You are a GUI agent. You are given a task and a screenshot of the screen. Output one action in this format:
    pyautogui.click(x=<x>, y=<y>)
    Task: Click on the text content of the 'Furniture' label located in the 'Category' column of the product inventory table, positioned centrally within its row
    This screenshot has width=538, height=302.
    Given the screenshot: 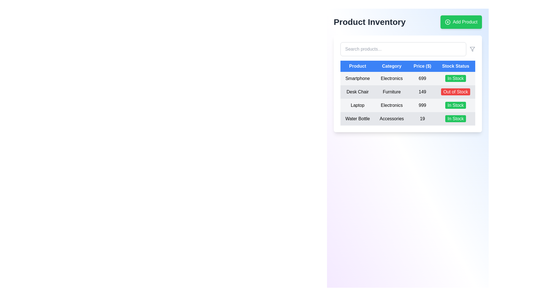 What is the action you would take?
    pyautogui.click(x=391, y=91)
    